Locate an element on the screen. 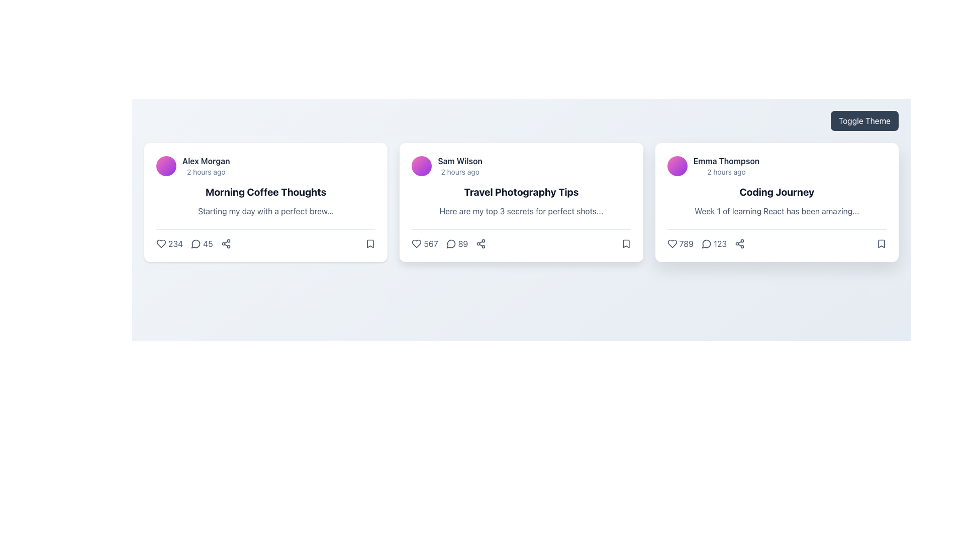 The width and height of the screenshot is (965, 542). the share icon, which is a minimalistic representation of three connected dots located in the bottom-right corner of the third content card is located at coordinates (740, 244).